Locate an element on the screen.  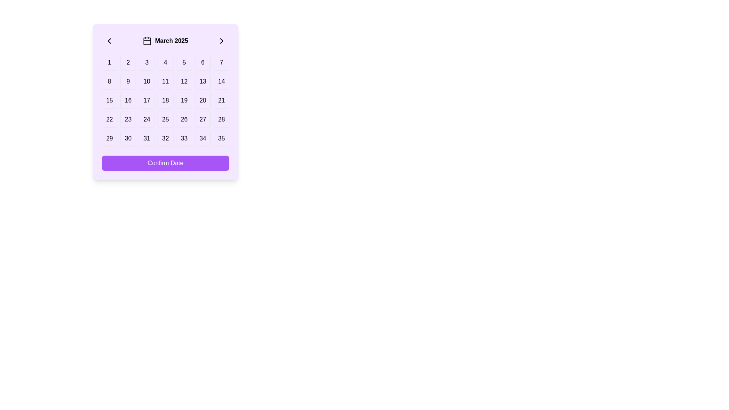
the text label displaying the currently selected month and year in the calendar view, which is located in the header section of the calendar widget is located at coordinates (171, 41).